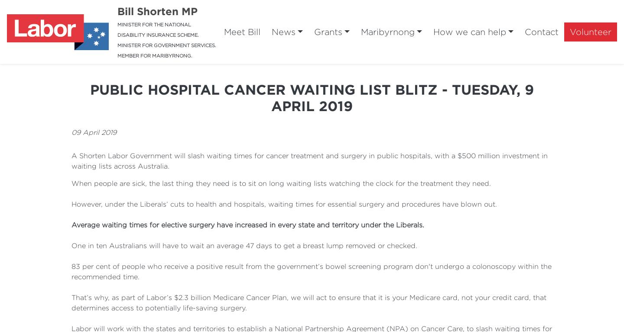 The image size is (624, 332). Describe the element at coordinates (117, 45) in the screenshot. I see `'MINISTER FOR GOVERNMENT SERVICES.'` at that location.